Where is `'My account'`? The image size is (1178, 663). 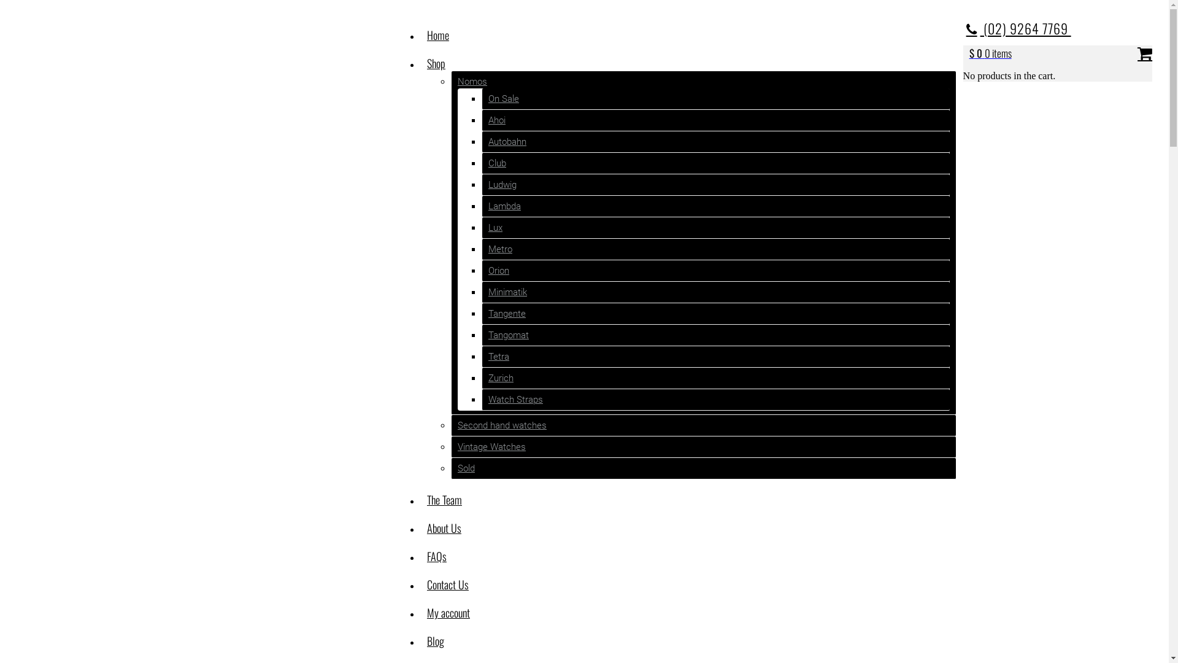 'My account' is located at coordinates (447, 613).